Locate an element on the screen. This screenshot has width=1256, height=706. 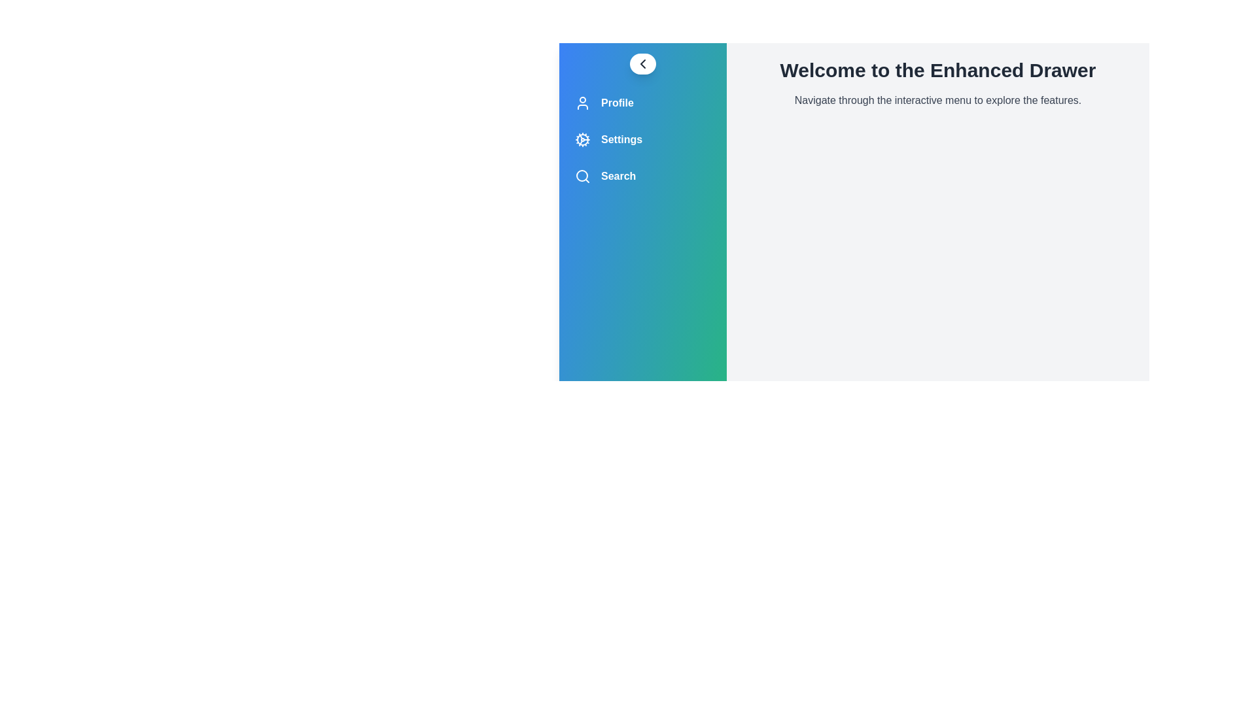
the toggle button to open or close the drawer is located at coordinates (643, 63).